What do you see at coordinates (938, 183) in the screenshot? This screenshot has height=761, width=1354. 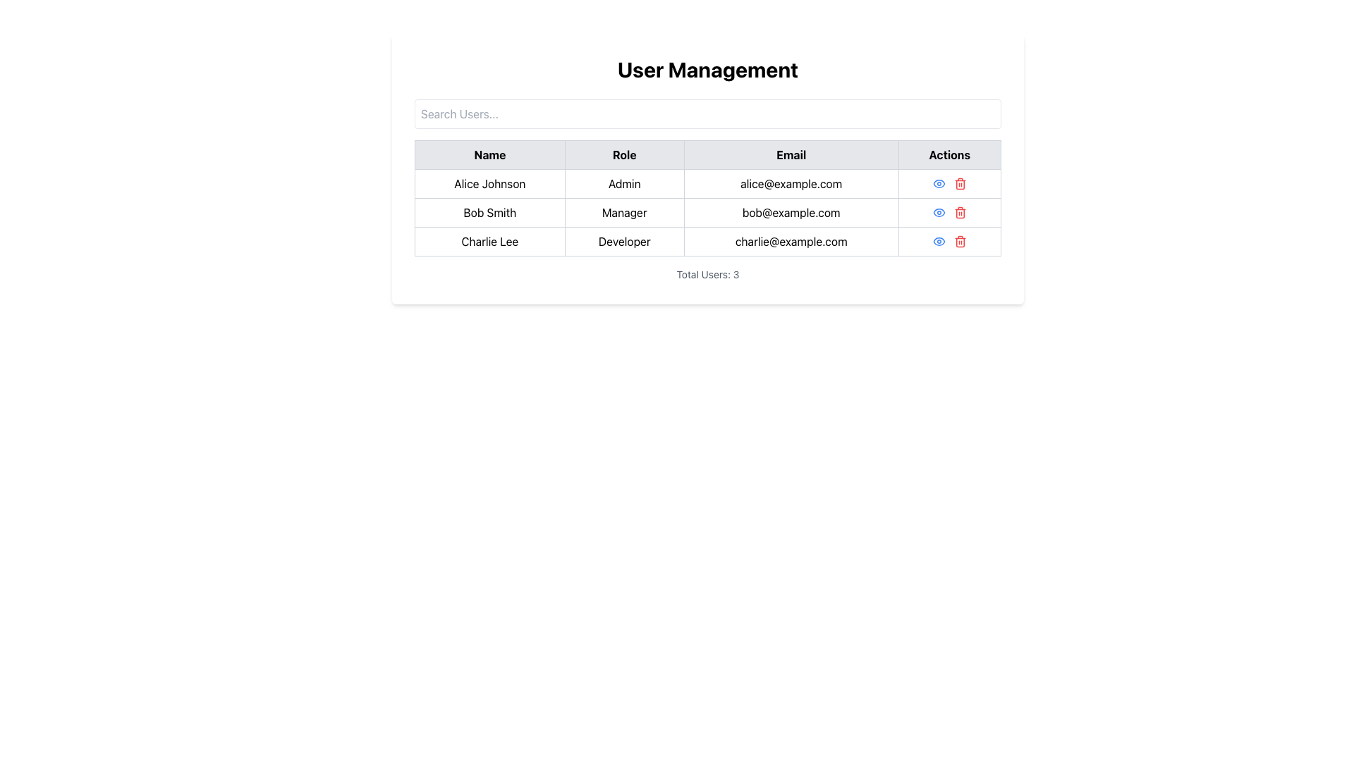 I see `the blue eye-shaped icon button in the 'Actions' column of the first row associated with user 'Alice Johnson'` at bounding box center [938, 183].